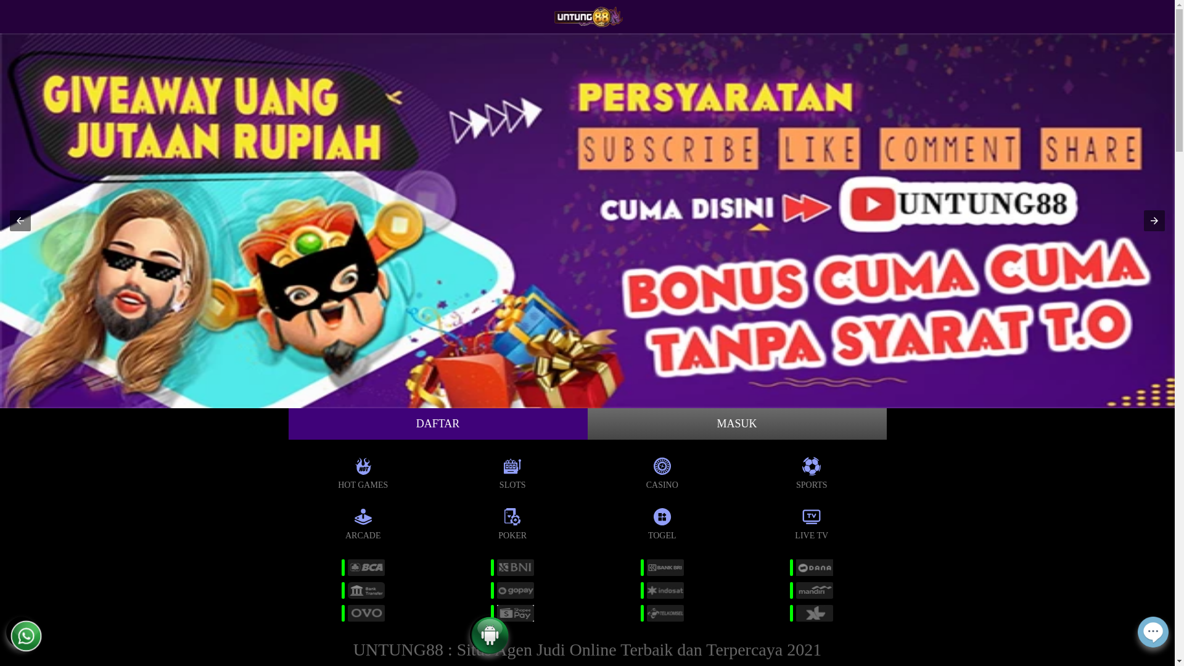 This screenshot has height=666, width=1184. What do you see at coordinates (812, 471) in the screenshot?
I see `'SPORTS'` at bounding box center [812, 471].